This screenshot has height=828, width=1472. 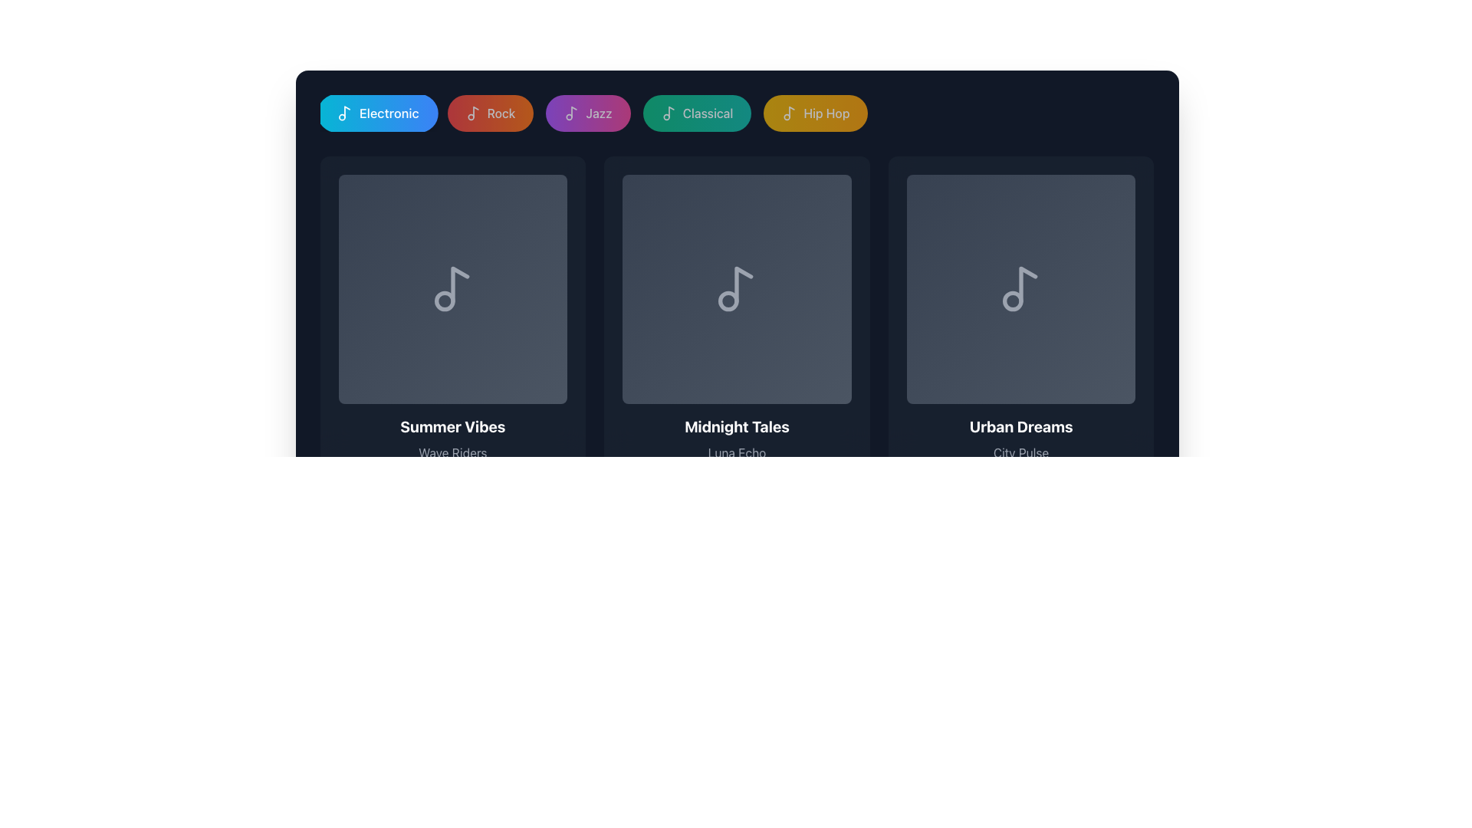 I want to click on properties of the Progress bar located near the lower center of the interface, which has a dark gray background and a green segment indicating progress, so click(x=722, y=548).